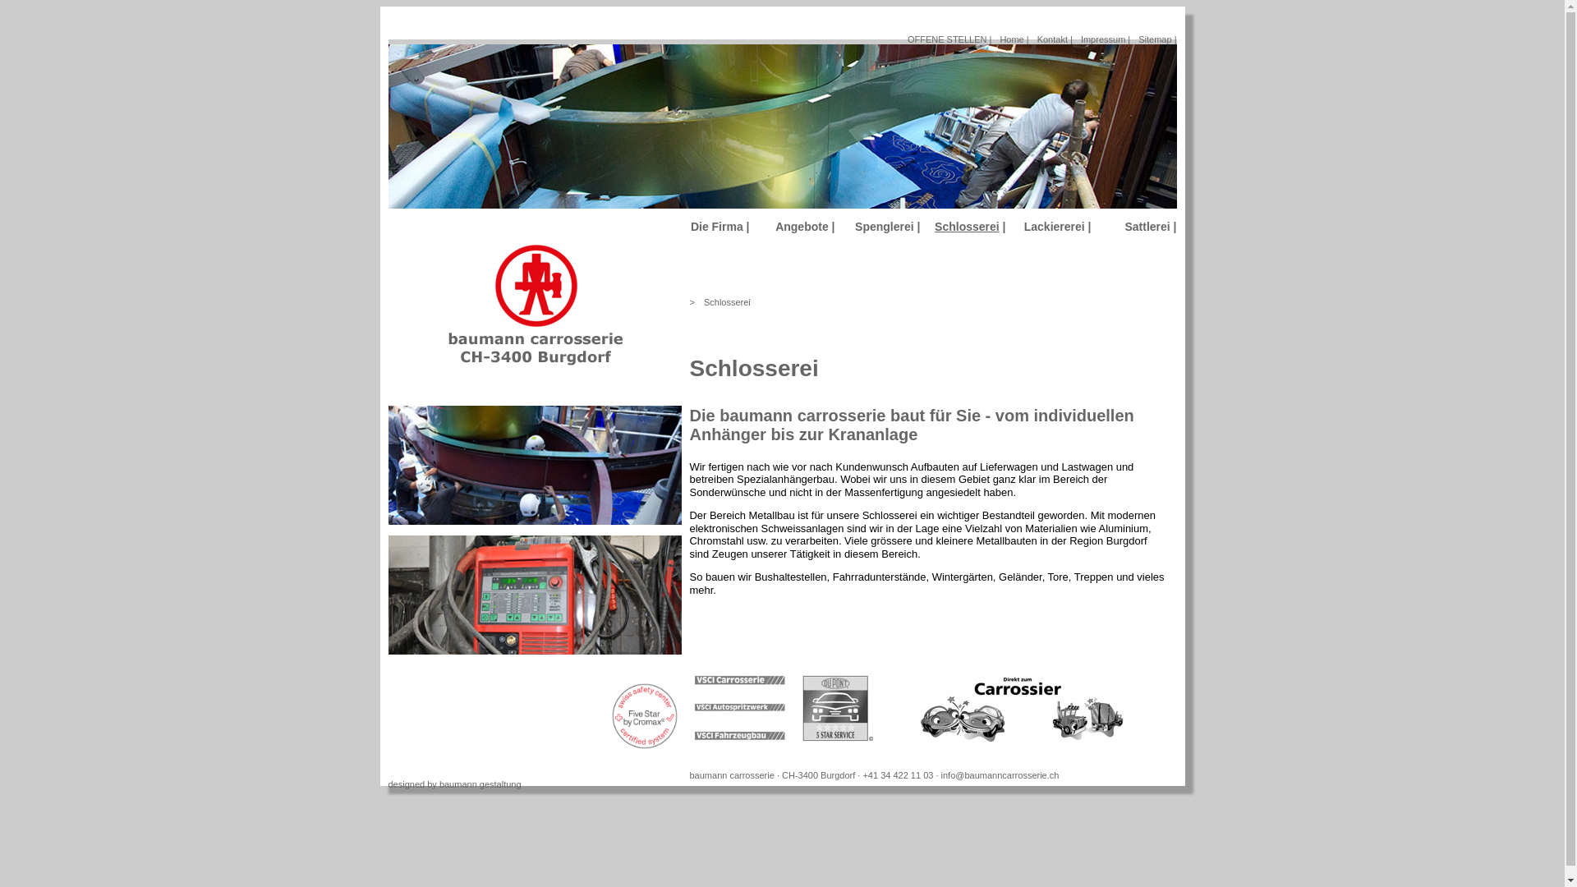 This screenshot has height=887, width=1577. I want to click on 'Sitemap', so click(1154, 38).